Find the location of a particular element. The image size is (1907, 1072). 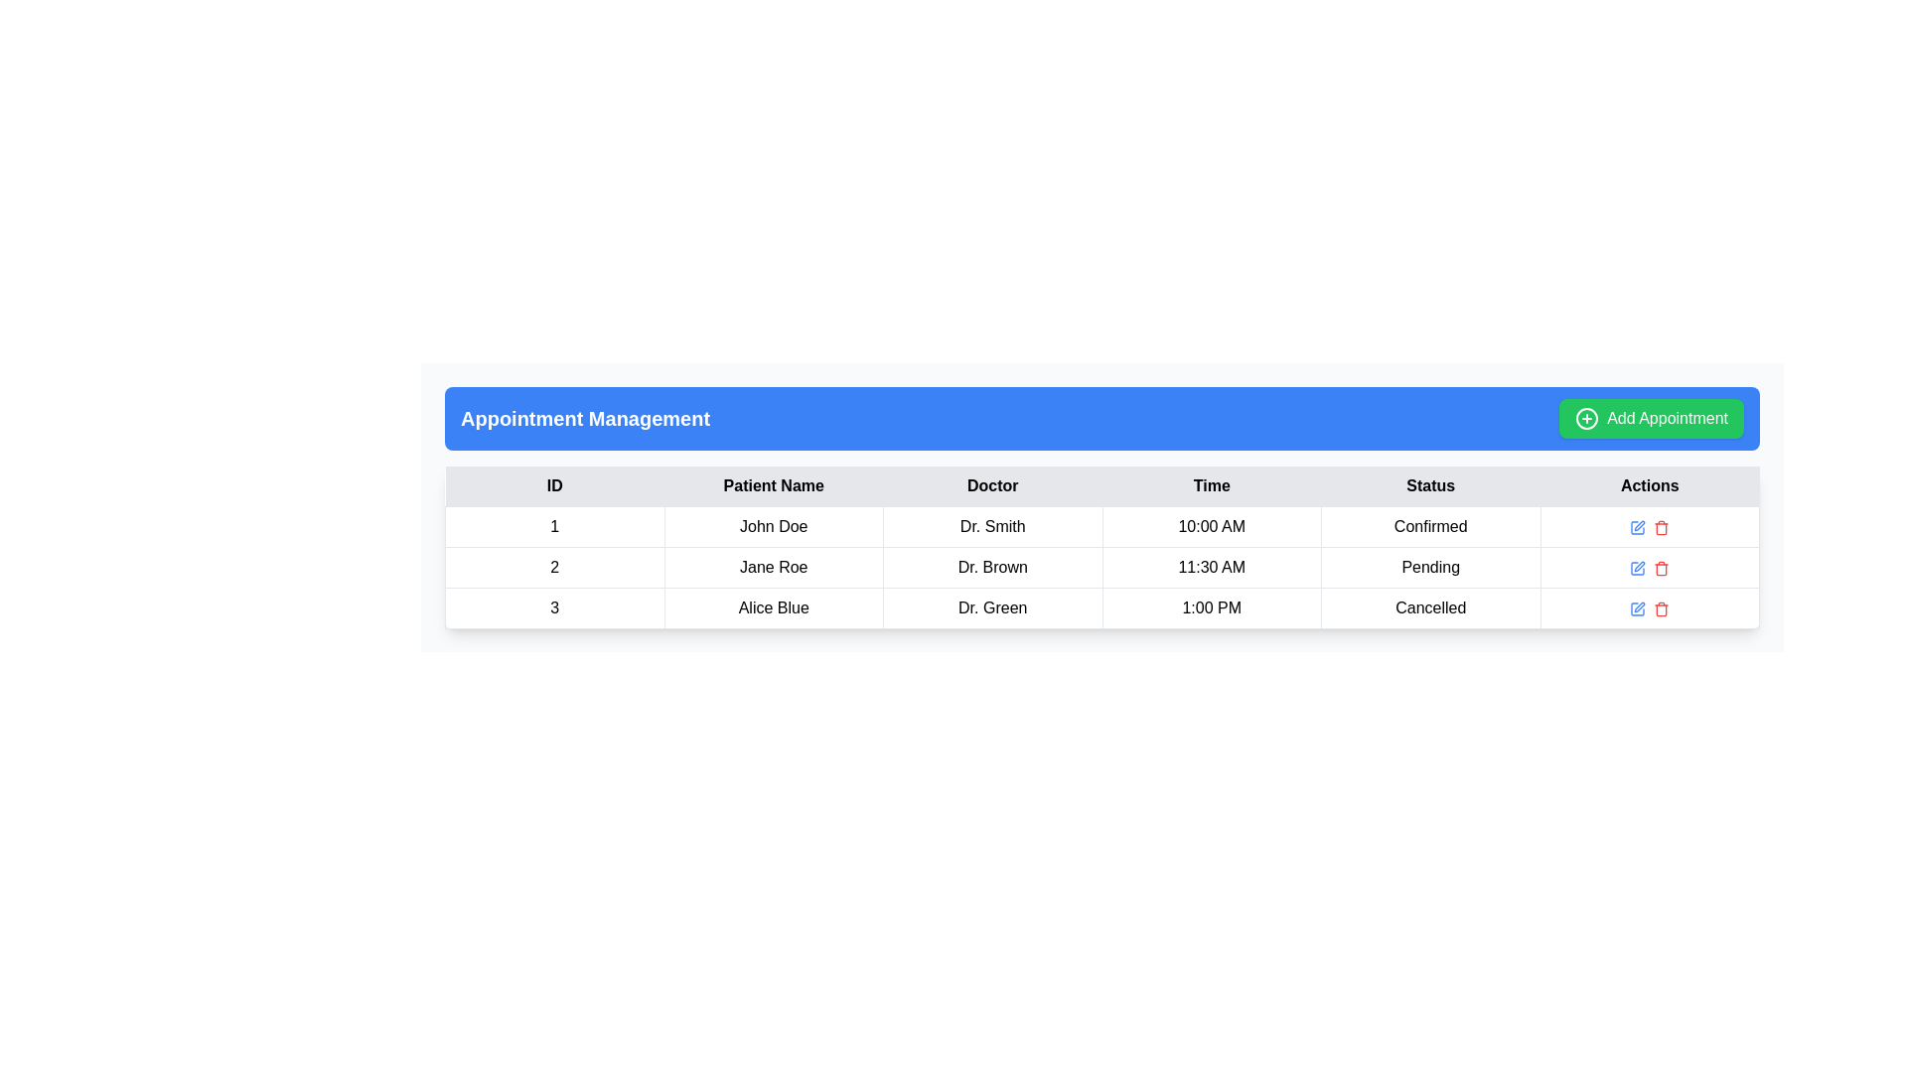

the trash can icon button located in the 'Actions' column of the second row of the table, corresponding to the entry for 'Jane Roe' is located at coordinates (1662, 568).